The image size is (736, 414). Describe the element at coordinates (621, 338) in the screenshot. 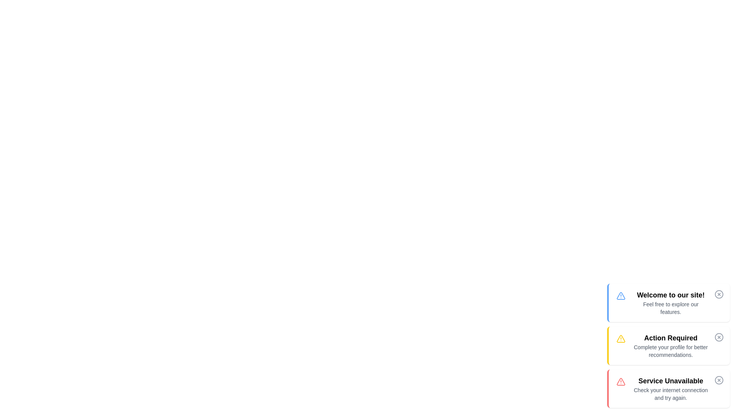

I see `the yellow triangular alert icon, which is part of an SVG representation and positioned next to the 'Action Required' message in the list` at that location.